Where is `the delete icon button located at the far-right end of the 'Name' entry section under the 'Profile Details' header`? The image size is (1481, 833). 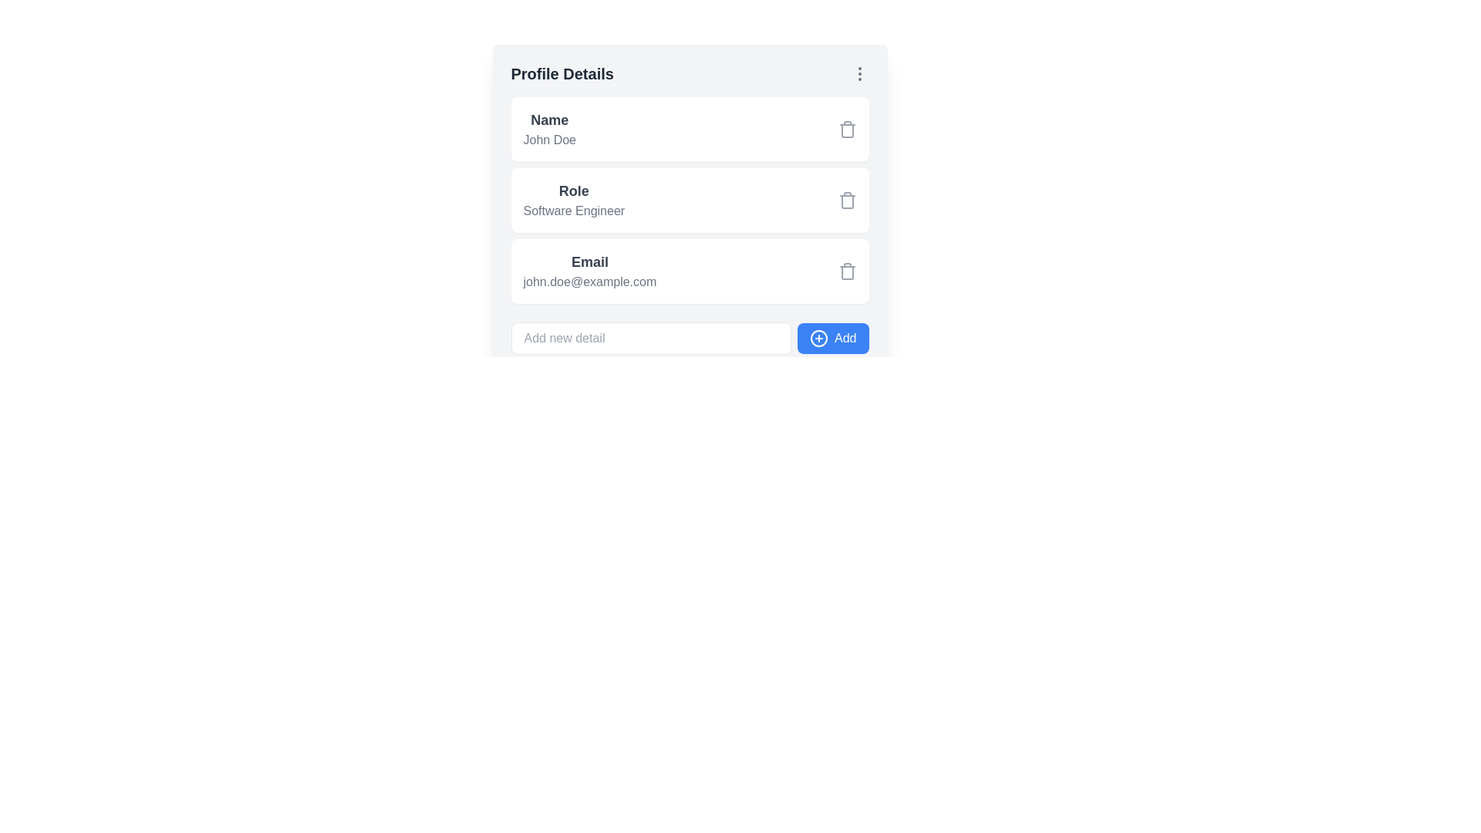 the delete icon button located at the far-right end of the 'Name' entry section under the 'Profile Details' header is located at coordinates (846, 129).